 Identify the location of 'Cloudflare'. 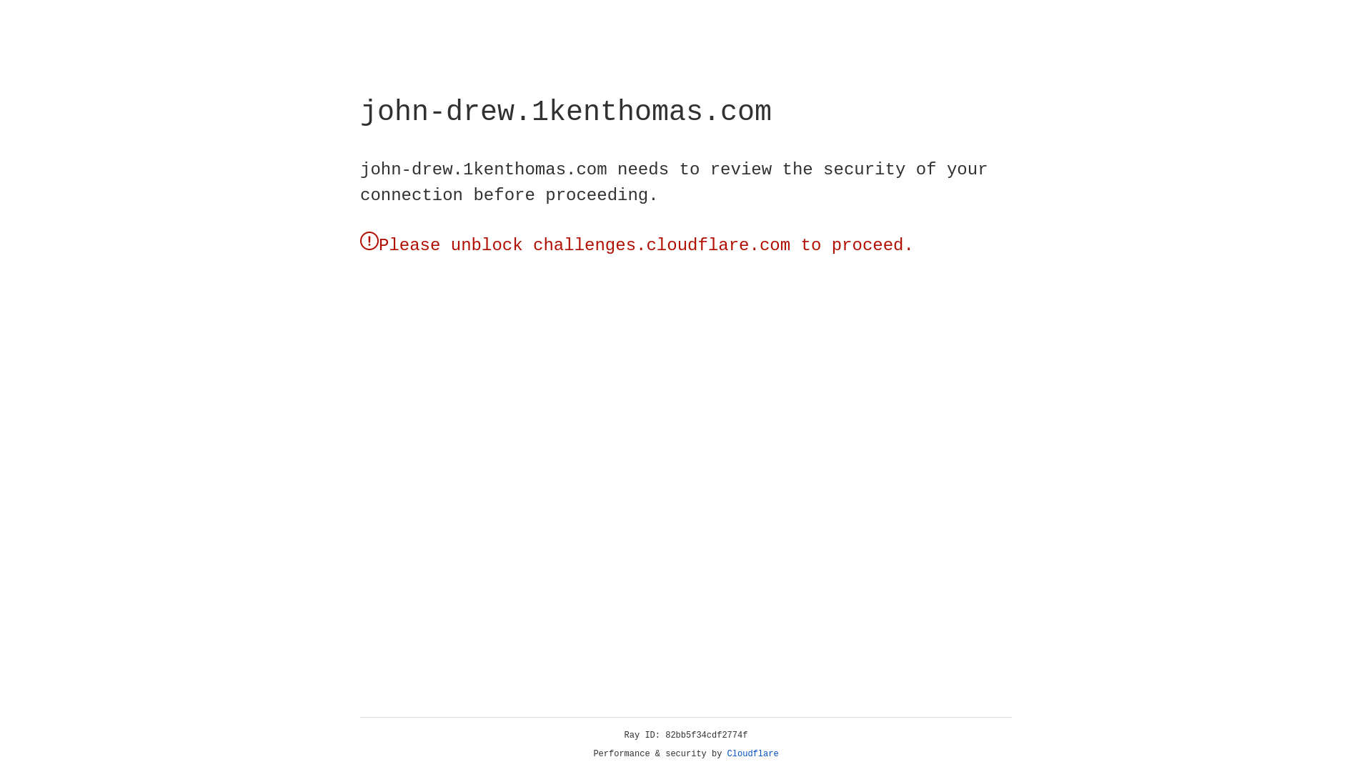
(752, 753).